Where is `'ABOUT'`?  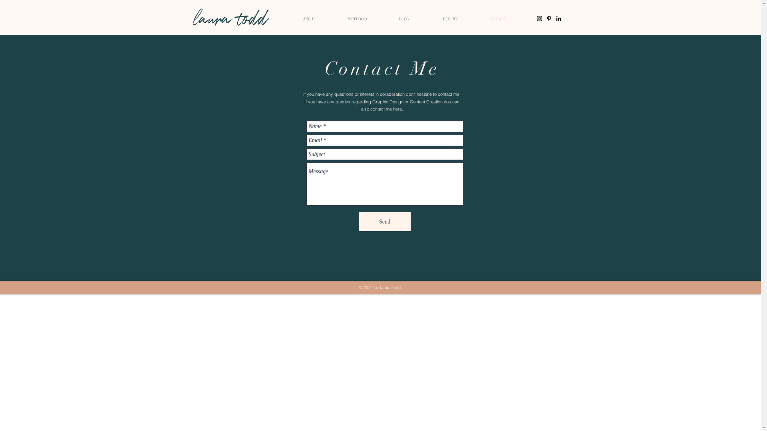
'ABOUT' is located at coordinates (309, 18).